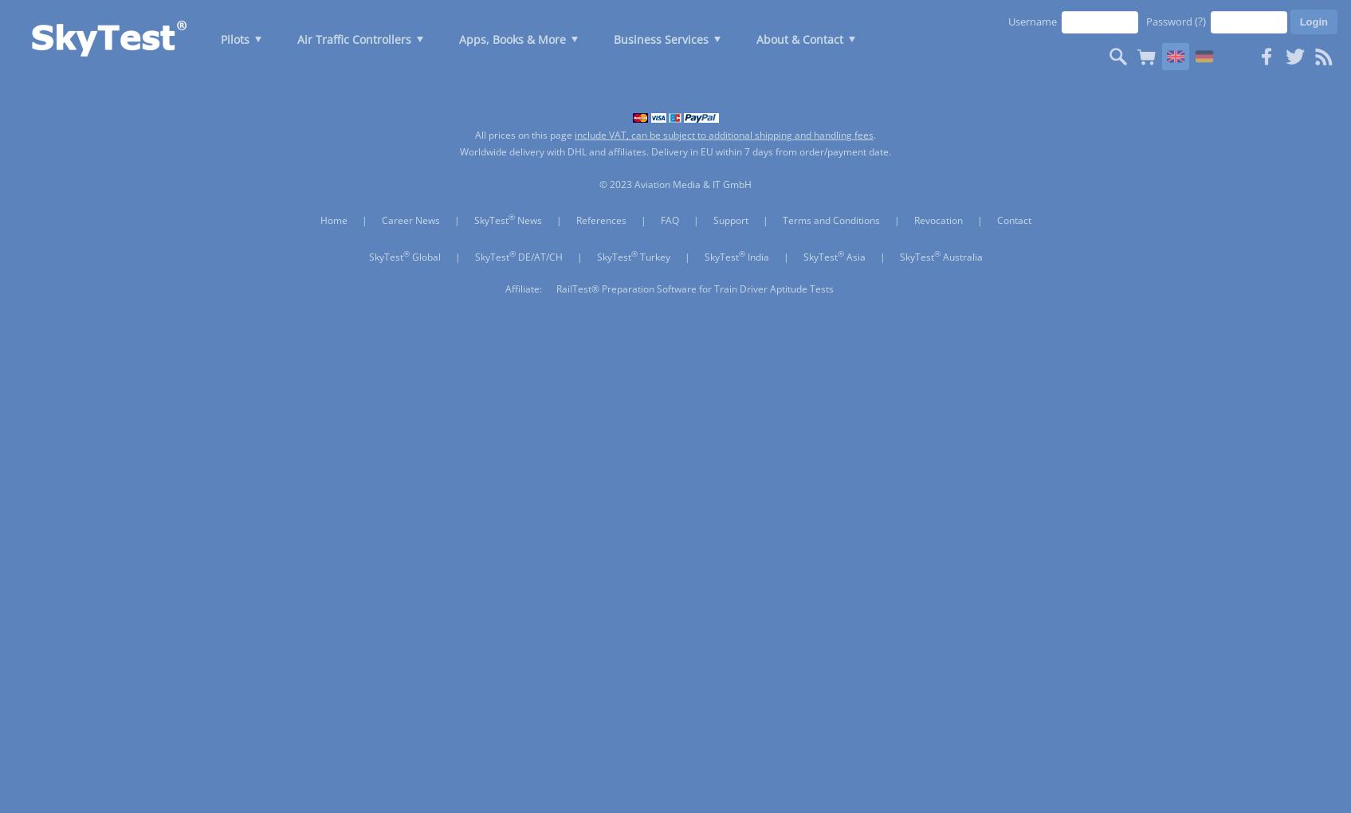 The height and width of the screenshot is (813, 1351). I want to click on '(?)', so click(1194, 20).